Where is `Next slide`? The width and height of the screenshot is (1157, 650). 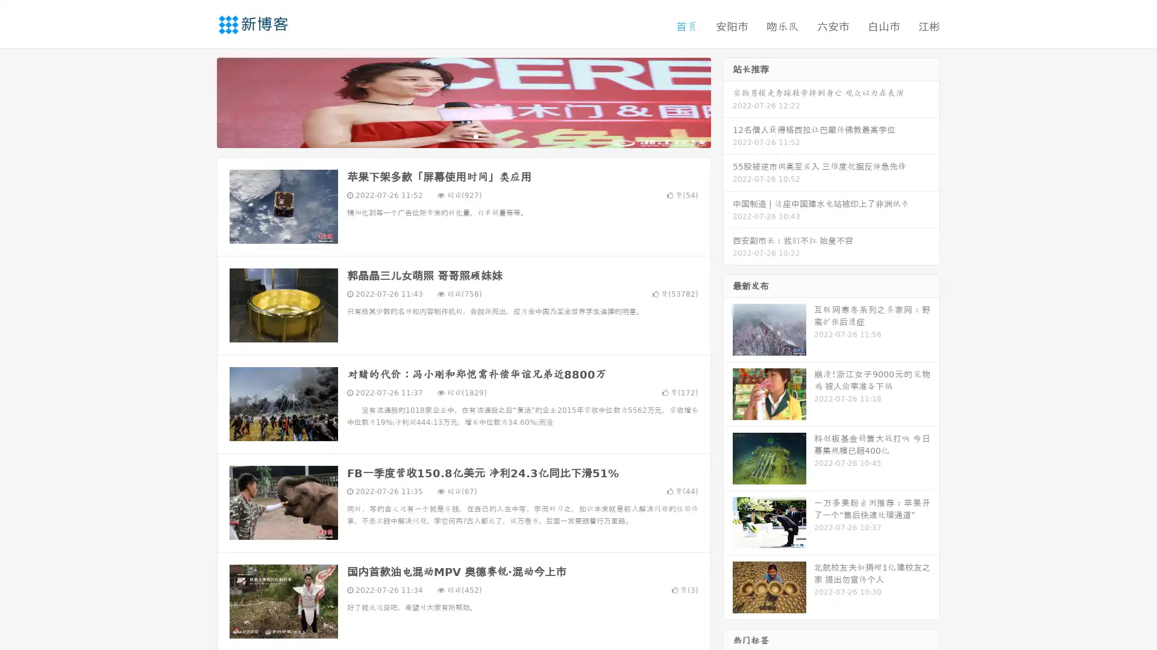 Next slide is located at coordinates (728, 101).